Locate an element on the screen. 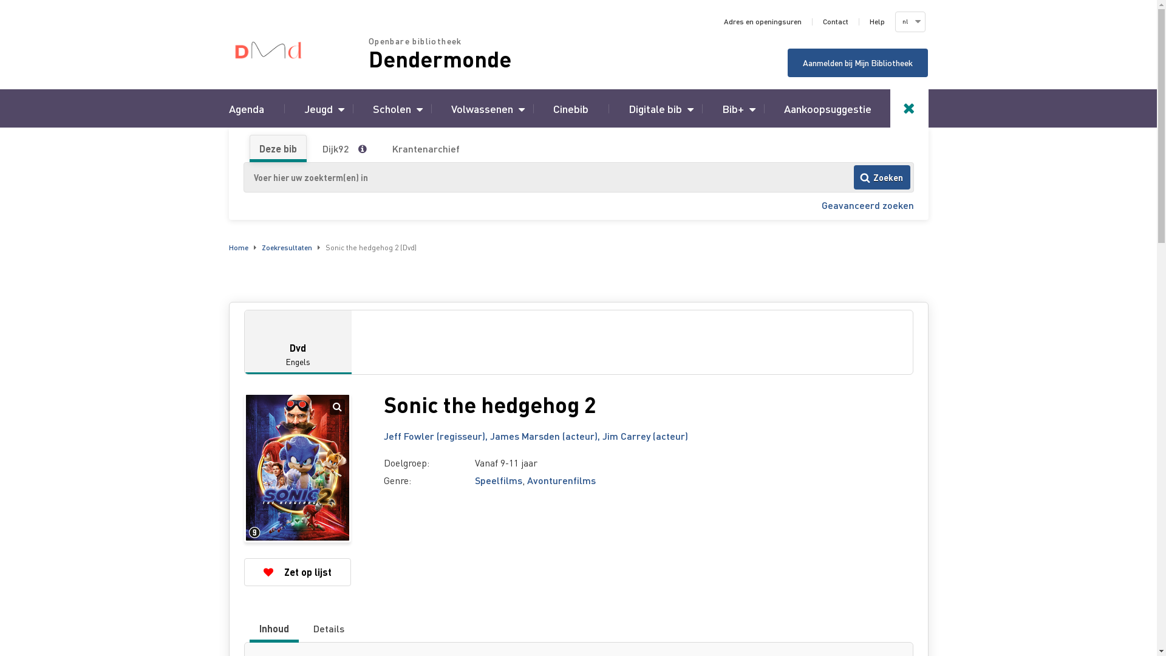 The image size is (1166, 656). 'Cinebib' is located at coordinates (570, 108).